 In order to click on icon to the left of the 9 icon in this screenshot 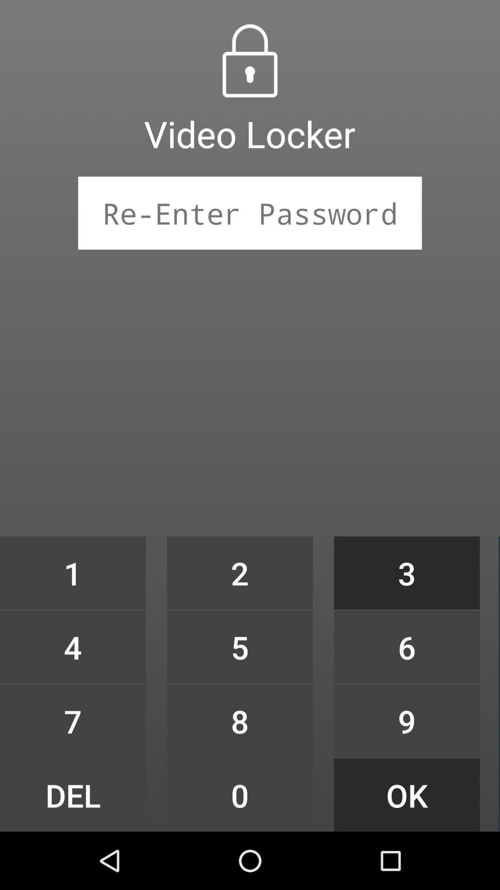, I will do `click(239, 795)`.